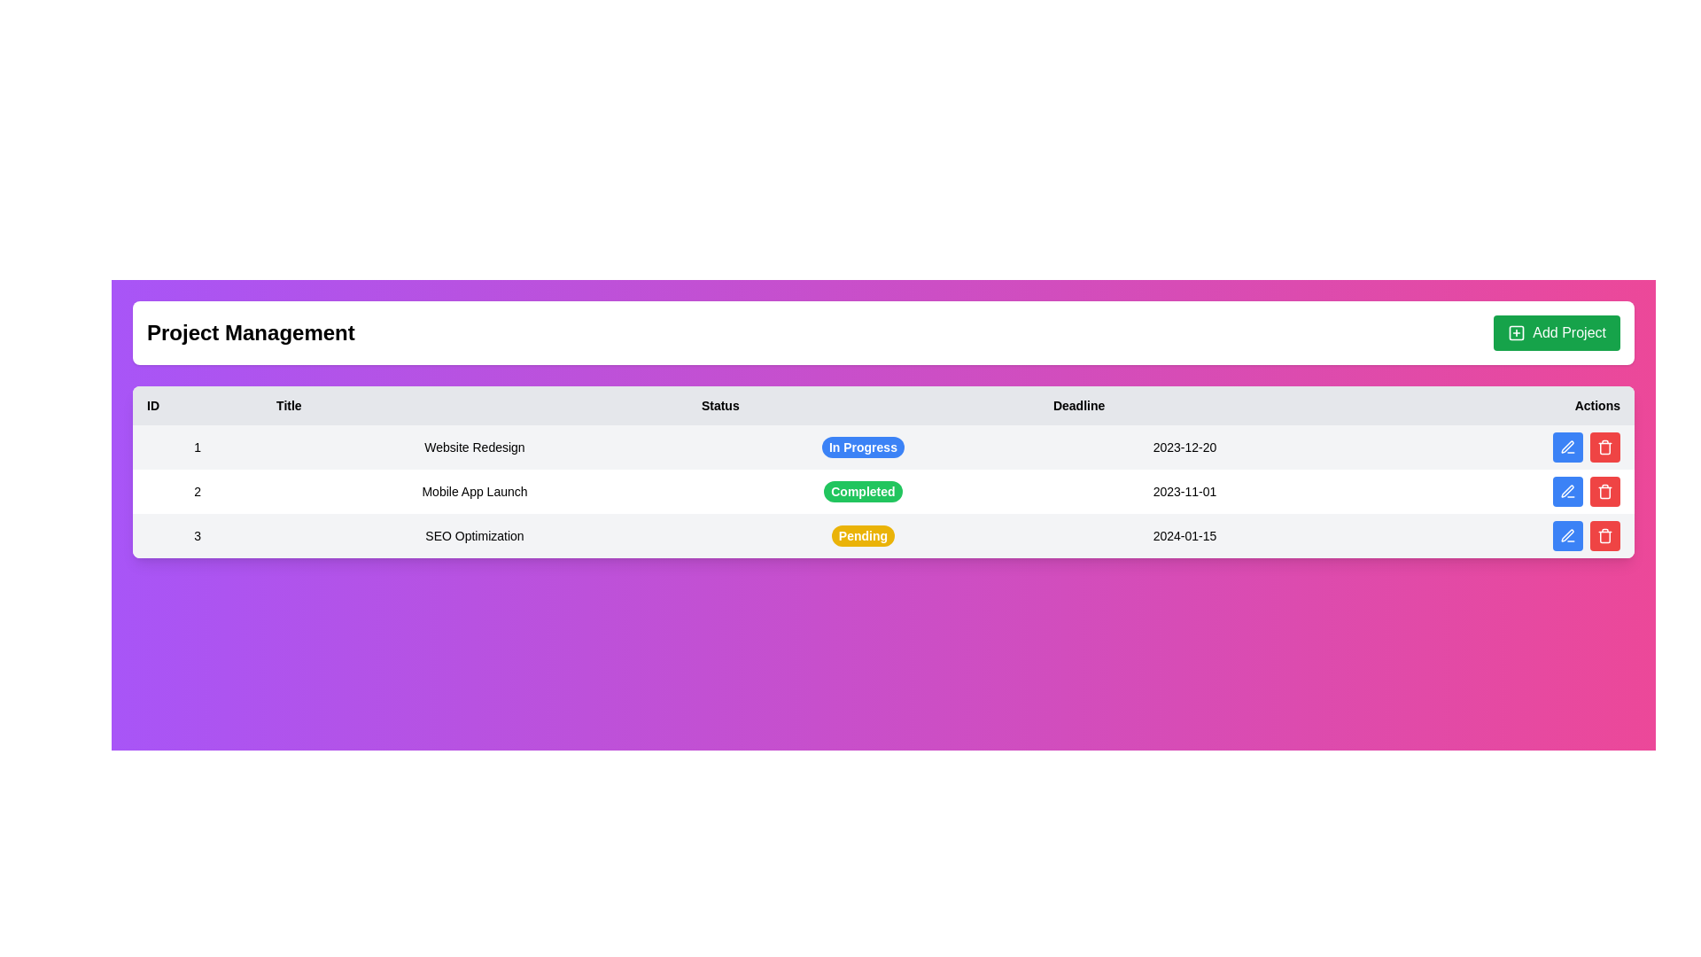 Image resolution: width=1701 pixels, height=957 pixels. I want to click on the blue rectangular button with rounded edges and a white pencil icon in the 'Actions' column for the entry 'Mobile App Launch', so click(1568, 492).